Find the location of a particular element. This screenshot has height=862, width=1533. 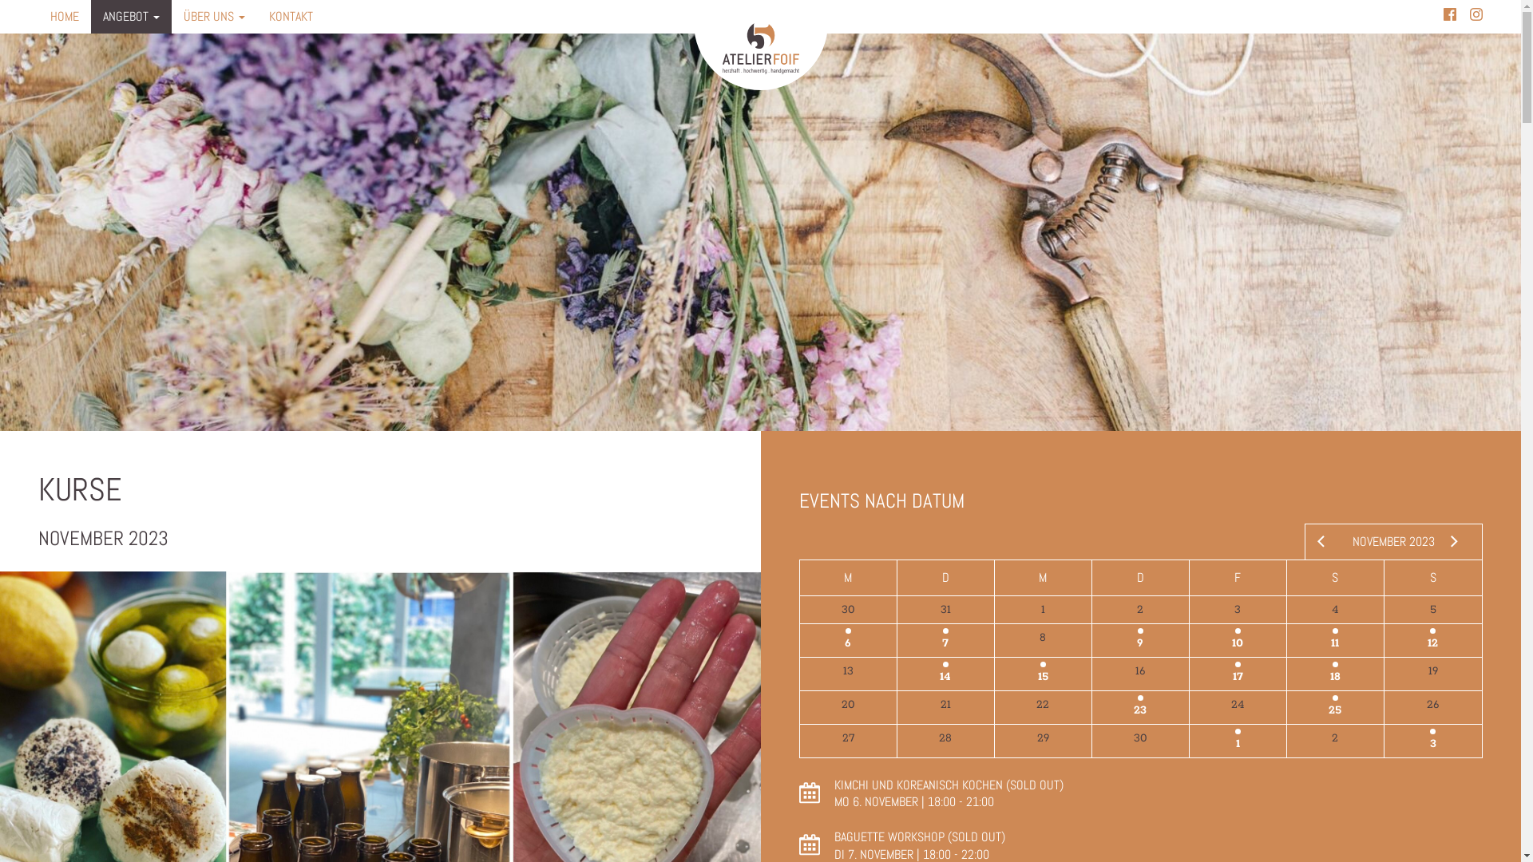

'1 VERANSTALTUNG, is located at coordinates (994, 674).